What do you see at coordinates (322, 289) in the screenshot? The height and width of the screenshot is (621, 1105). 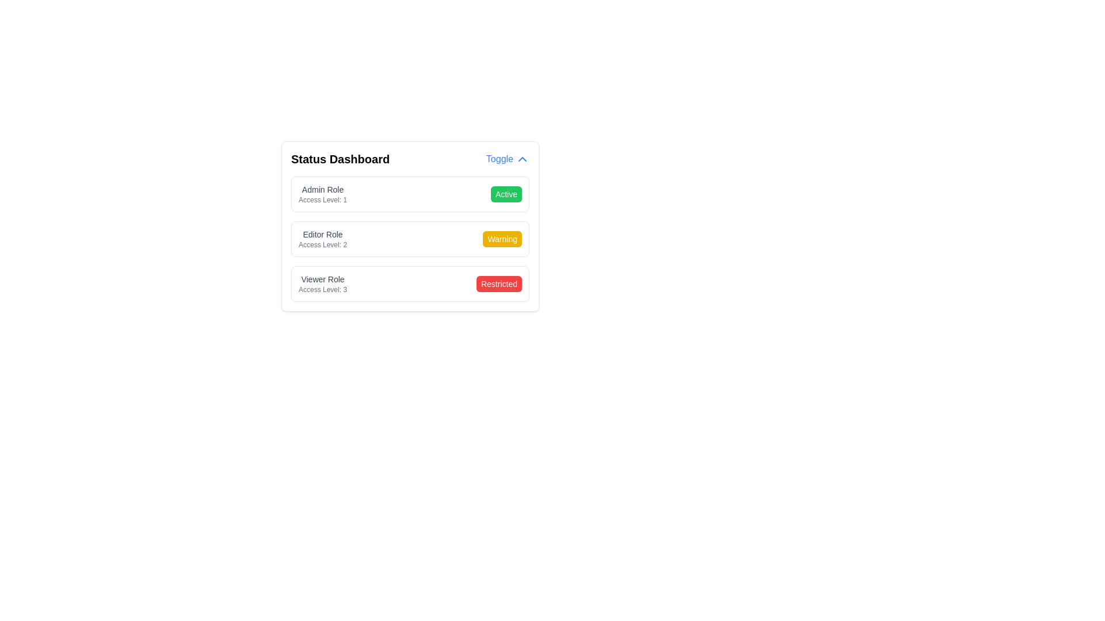 I see `the informational text label that indicates the access level associated with the 'Viewer Role', located directly below the 'Viewer Role' label` at bounding box center [322, 289].